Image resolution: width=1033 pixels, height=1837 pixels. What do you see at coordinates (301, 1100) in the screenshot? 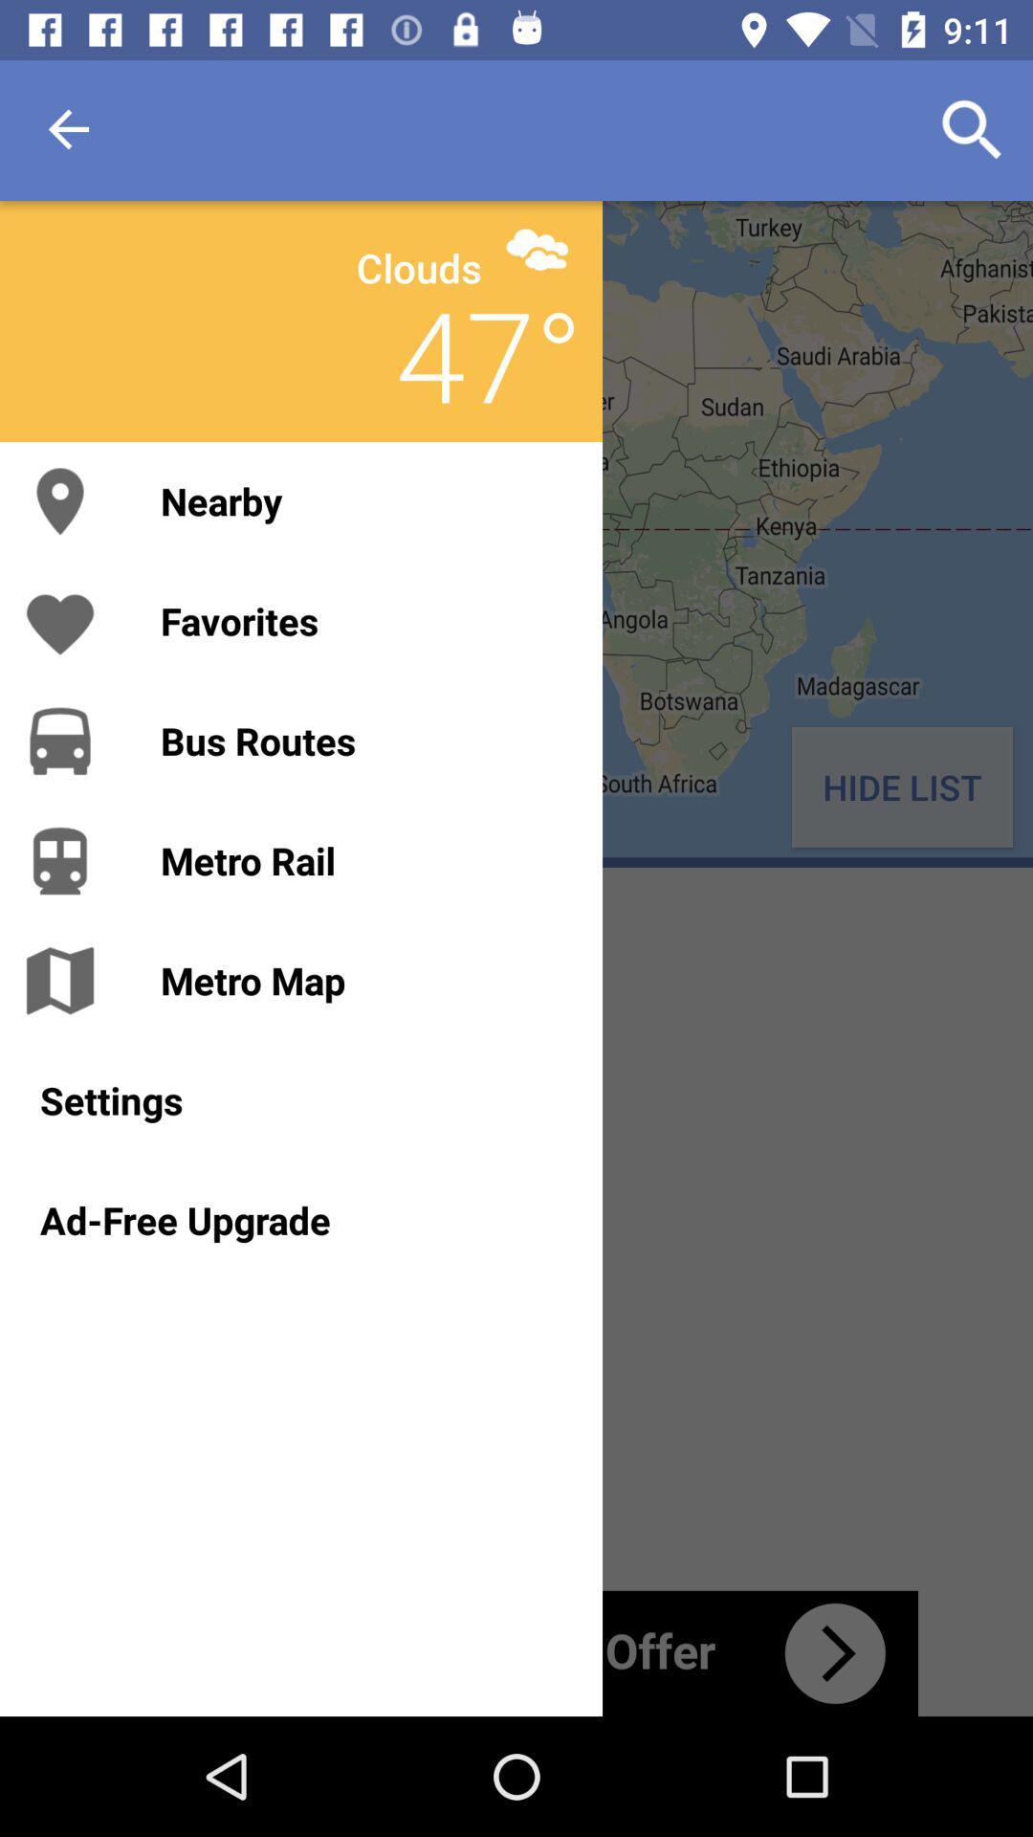
I see `settings` at bounding box center [301, 1100].